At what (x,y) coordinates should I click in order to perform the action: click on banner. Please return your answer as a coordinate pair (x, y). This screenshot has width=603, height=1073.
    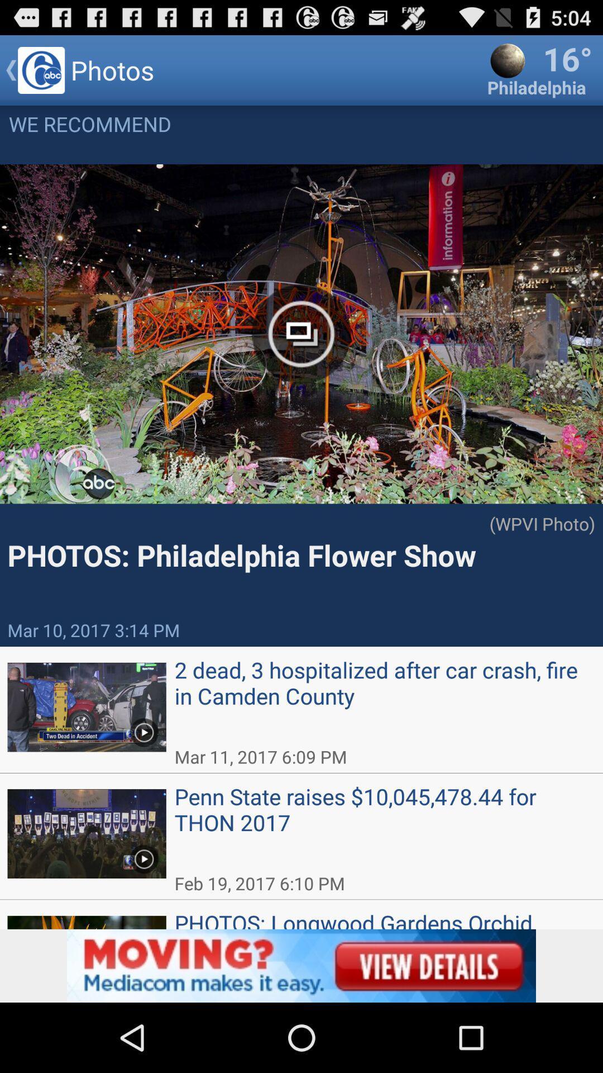
    Looking at the image, I should click on (301, 965).